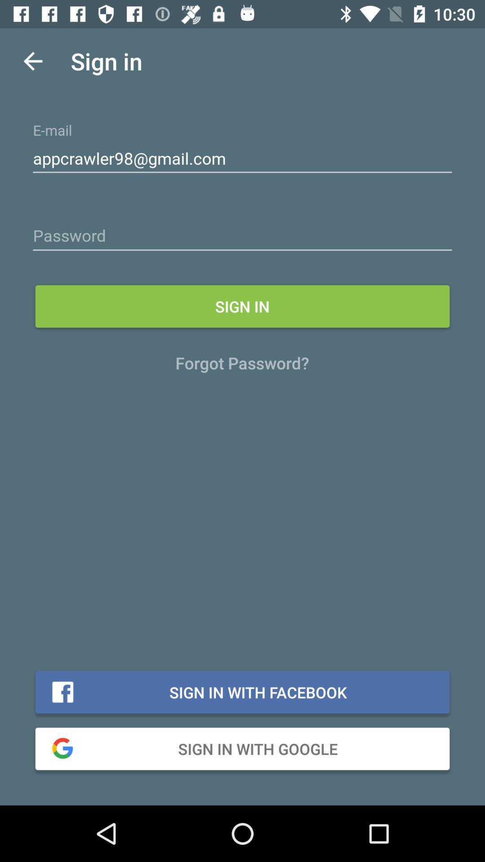 The image size is (485, 862). Describe the element at coordinates (242, 236) in the screenshot. I see `advertisement` at that location.